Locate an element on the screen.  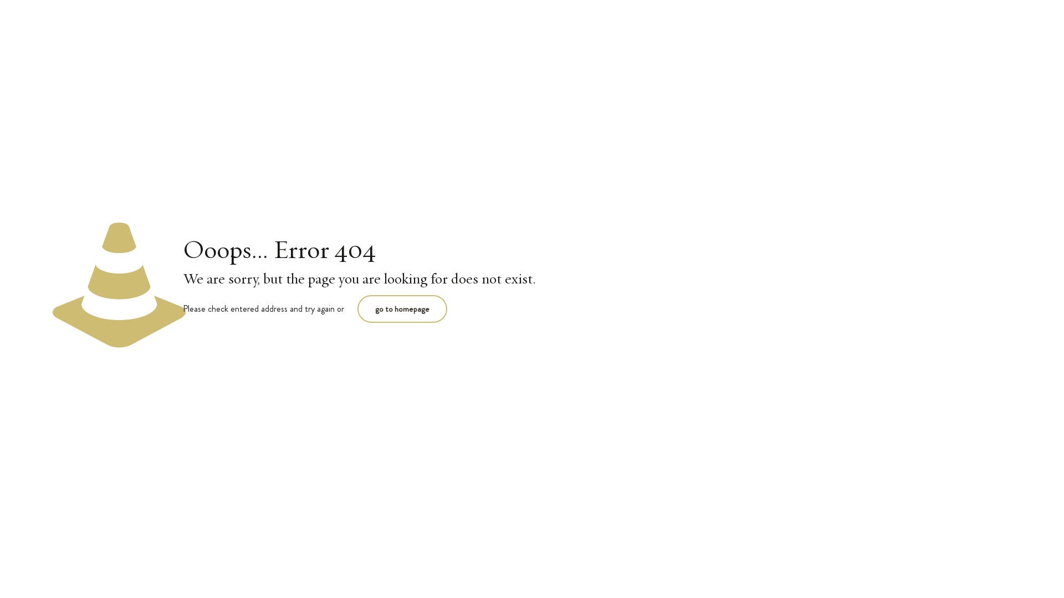
'go to homepage' is located at coordinates (357, 309).